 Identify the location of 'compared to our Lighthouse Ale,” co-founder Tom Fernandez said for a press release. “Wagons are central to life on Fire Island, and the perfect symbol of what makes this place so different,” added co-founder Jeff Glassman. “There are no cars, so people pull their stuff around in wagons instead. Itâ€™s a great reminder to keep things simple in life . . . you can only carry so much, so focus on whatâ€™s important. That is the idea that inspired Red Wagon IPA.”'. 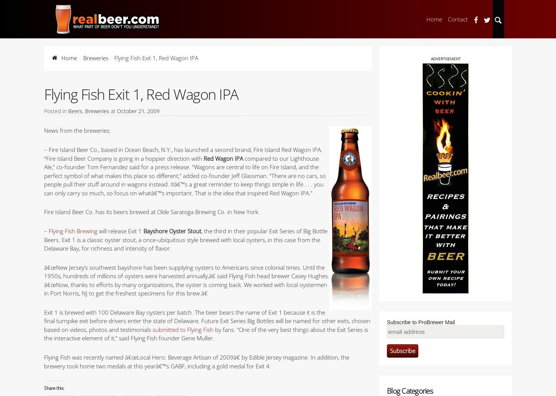
(184, 175).